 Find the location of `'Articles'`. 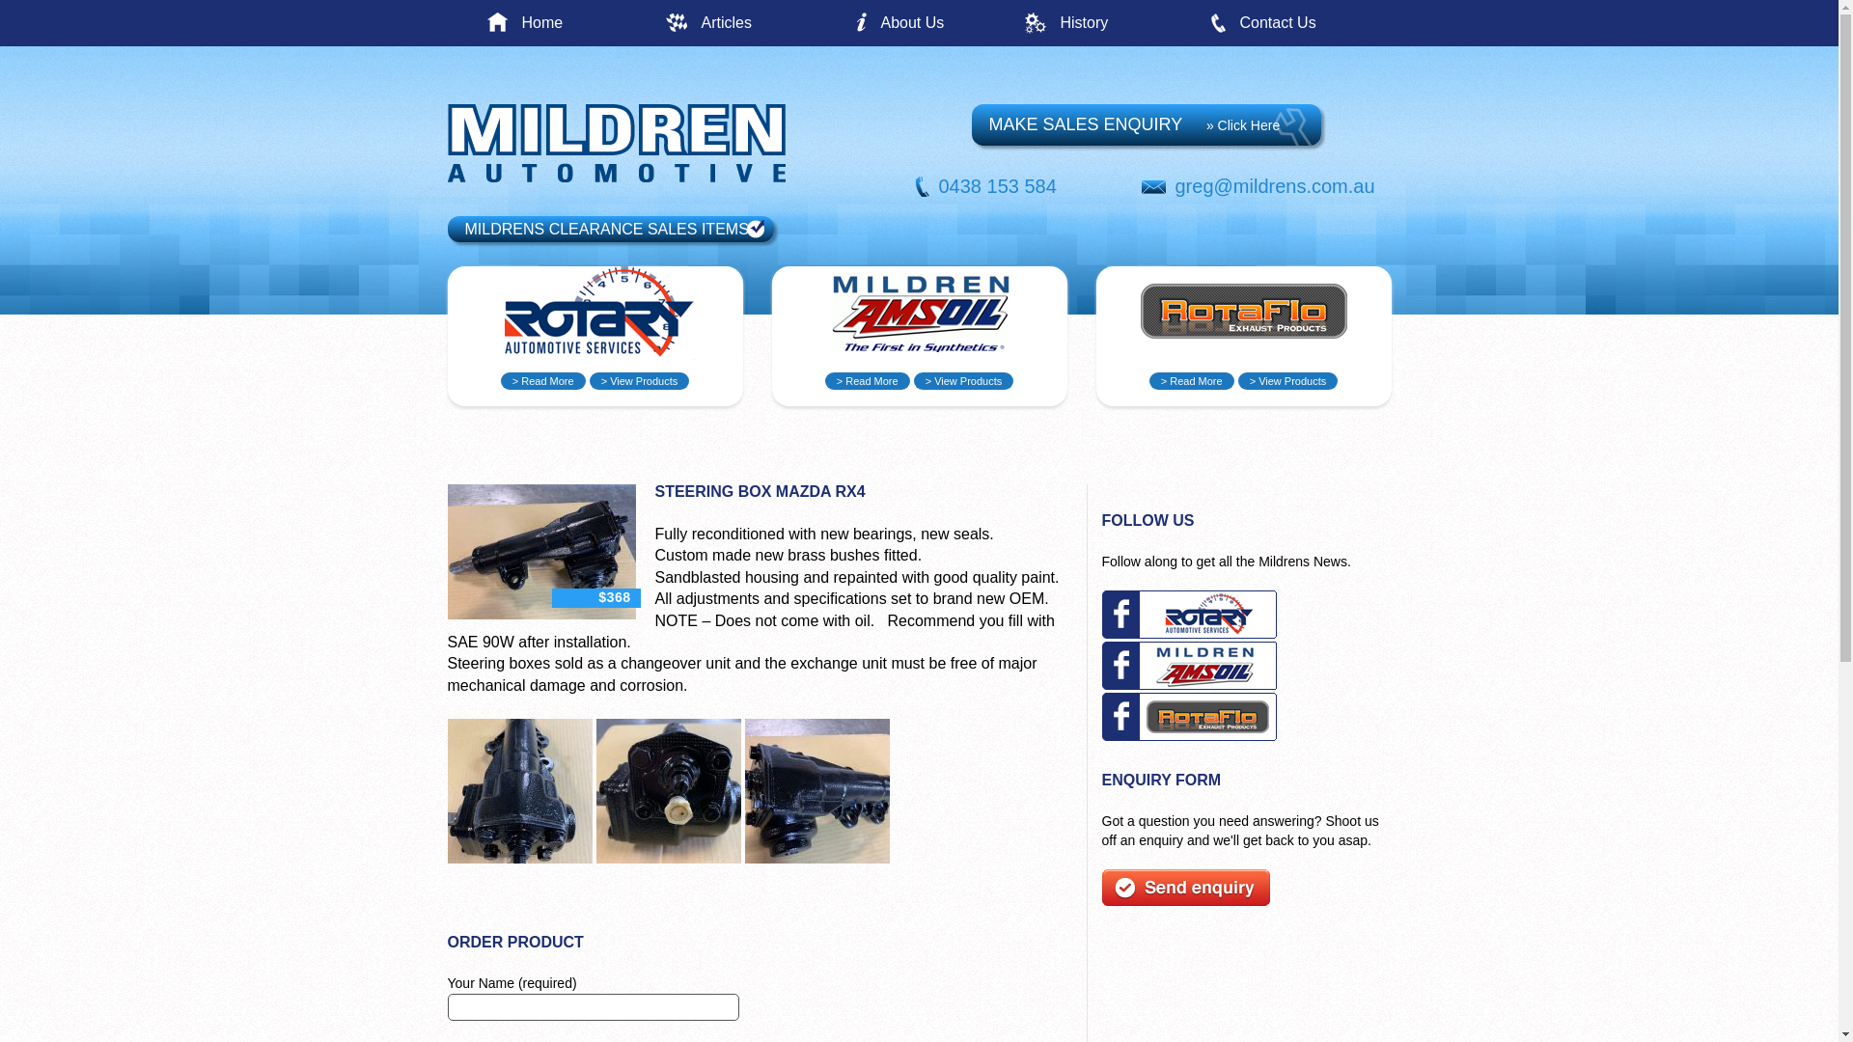

'Articles' is located at coordinates (699, 22).